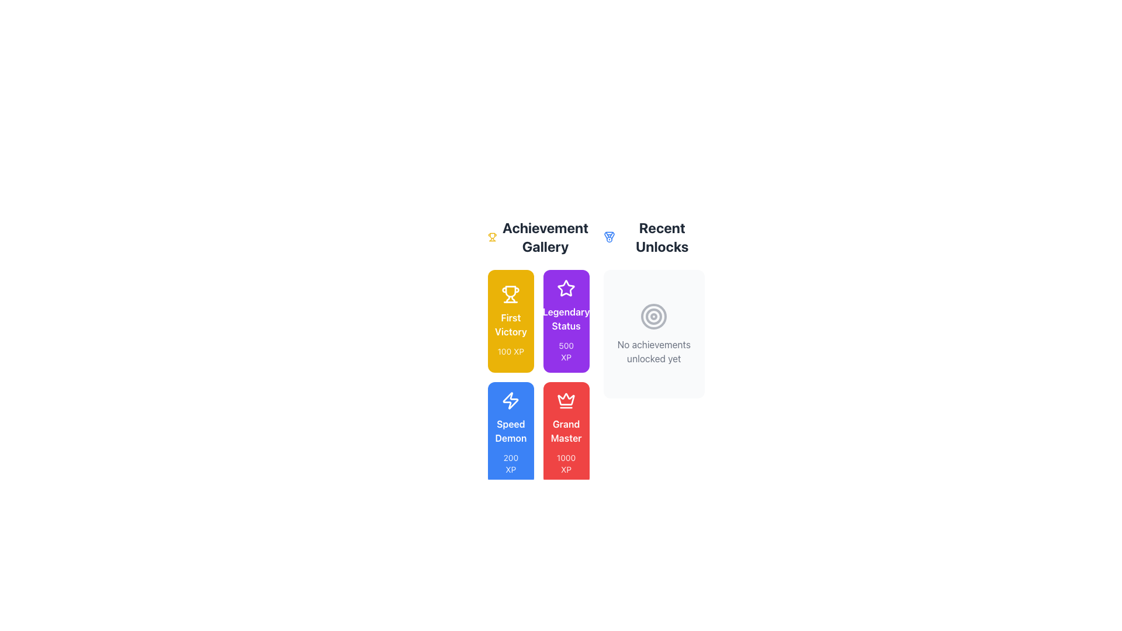 The height and width of the screenshot is (631, 1122). I want to click on the text label displaying 'First Victory' in bold against a yellow background to invoke any associated action, so click(510, 324).